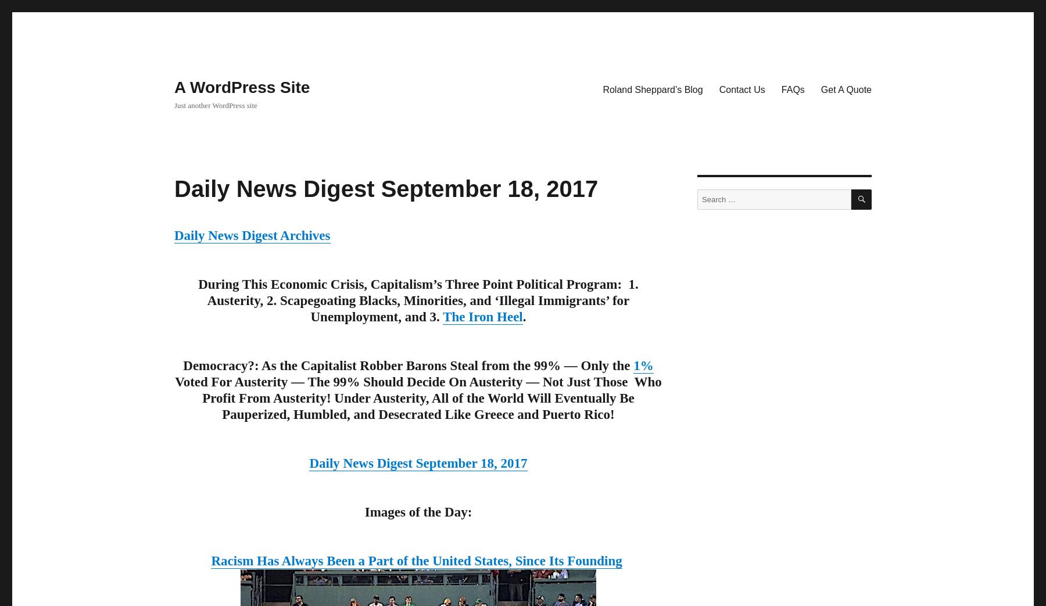 The height and width of the screenshot is (606, 1046). Describe the element at coordinates (792, 88) in the screenshot. I see `'FAQs'` at that location.